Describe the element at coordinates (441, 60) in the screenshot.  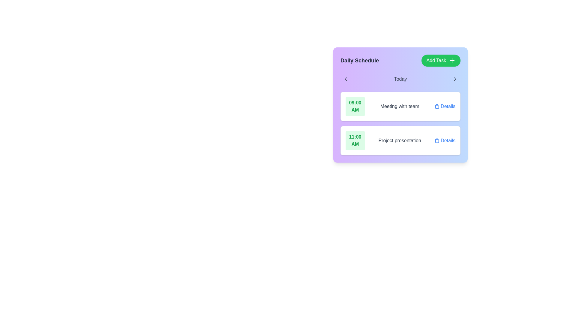
I see `the 'Add Task' button` at that location.